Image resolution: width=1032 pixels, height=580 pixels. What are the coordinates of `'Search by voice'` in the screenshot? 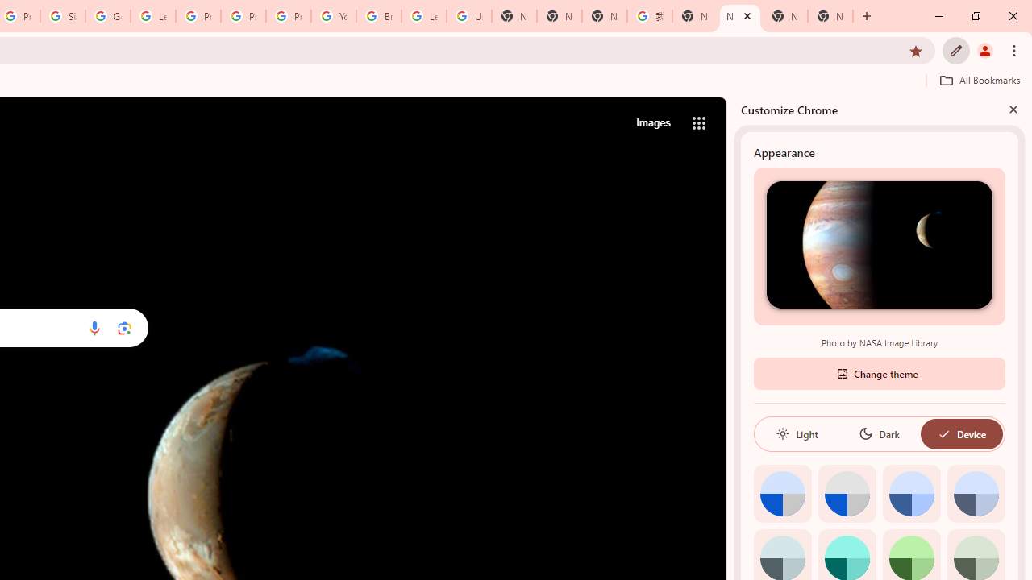 It's located at (94, 327).